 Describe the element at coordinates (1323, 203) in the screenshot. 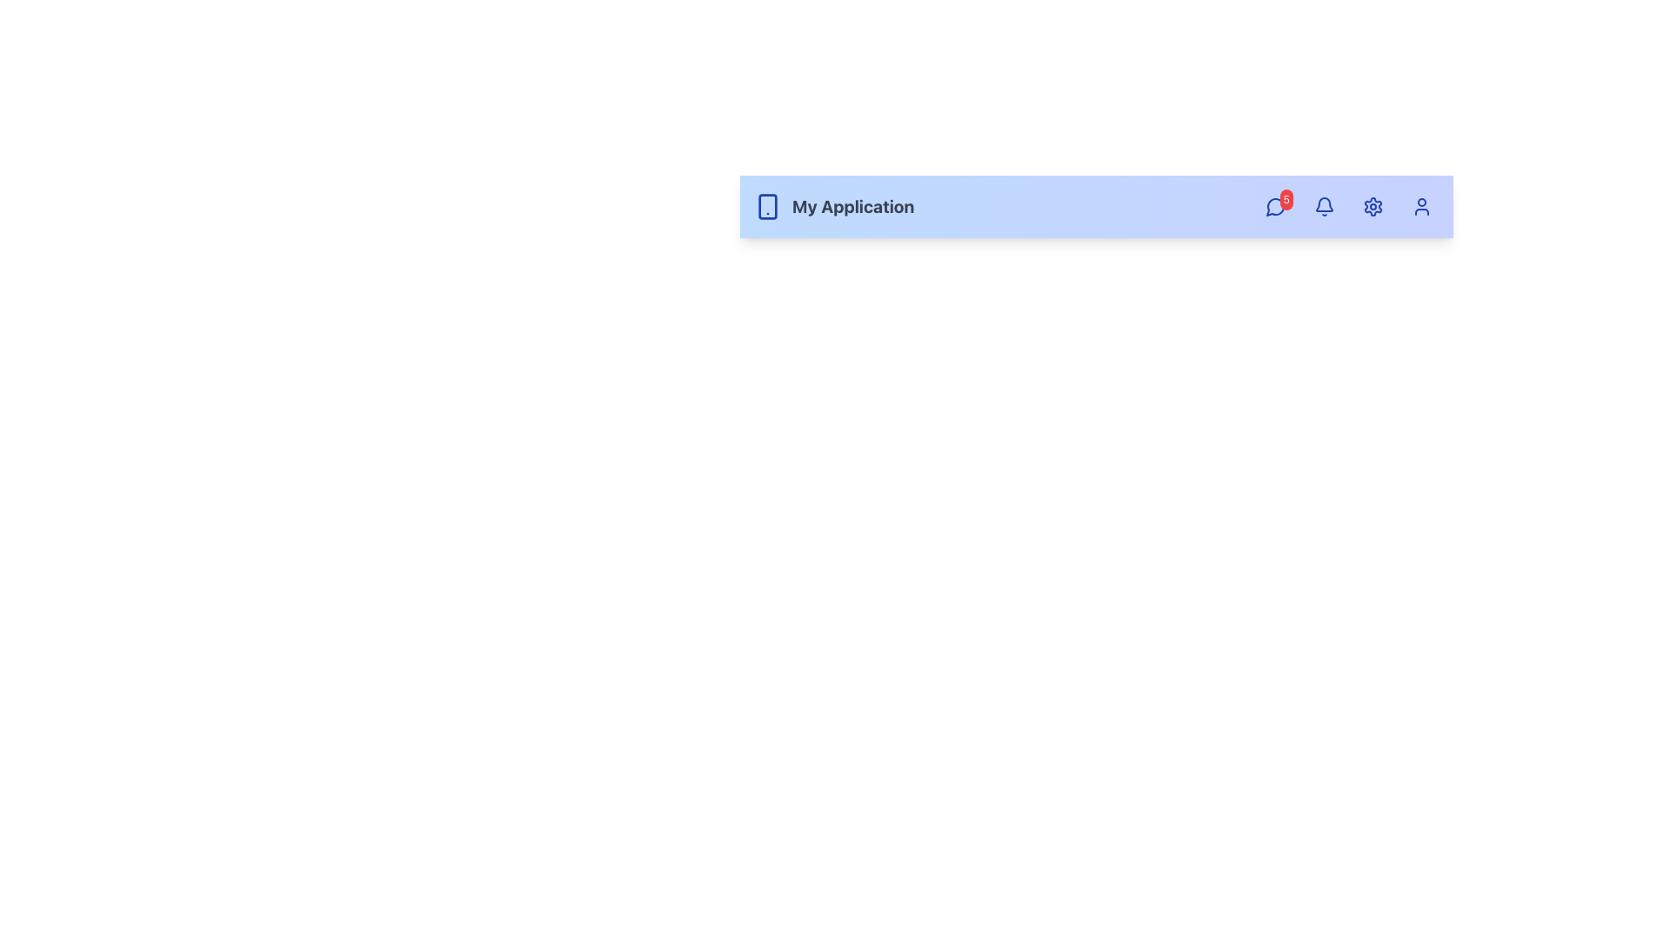

I see `the state of the bell icon representing notifications, which is the second graphical representation in the top-right section of the navigation bar` at that location.